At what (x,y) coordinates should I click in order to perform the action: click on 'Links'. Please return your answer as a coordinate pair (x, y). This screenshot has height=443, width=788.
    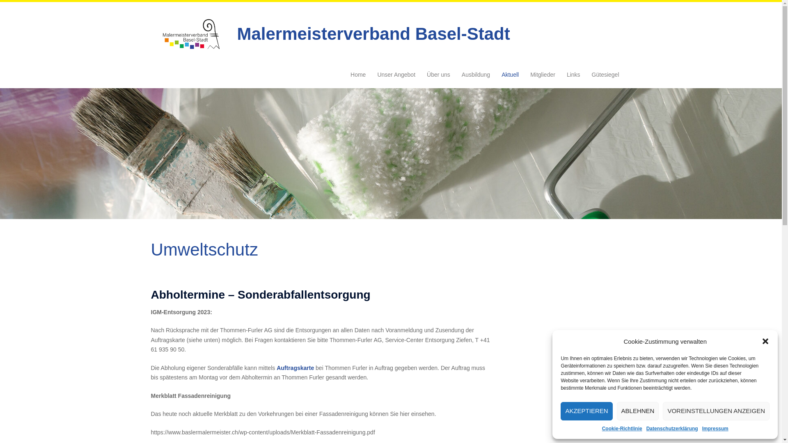
    Looking at the image, I should click on (566, 75).